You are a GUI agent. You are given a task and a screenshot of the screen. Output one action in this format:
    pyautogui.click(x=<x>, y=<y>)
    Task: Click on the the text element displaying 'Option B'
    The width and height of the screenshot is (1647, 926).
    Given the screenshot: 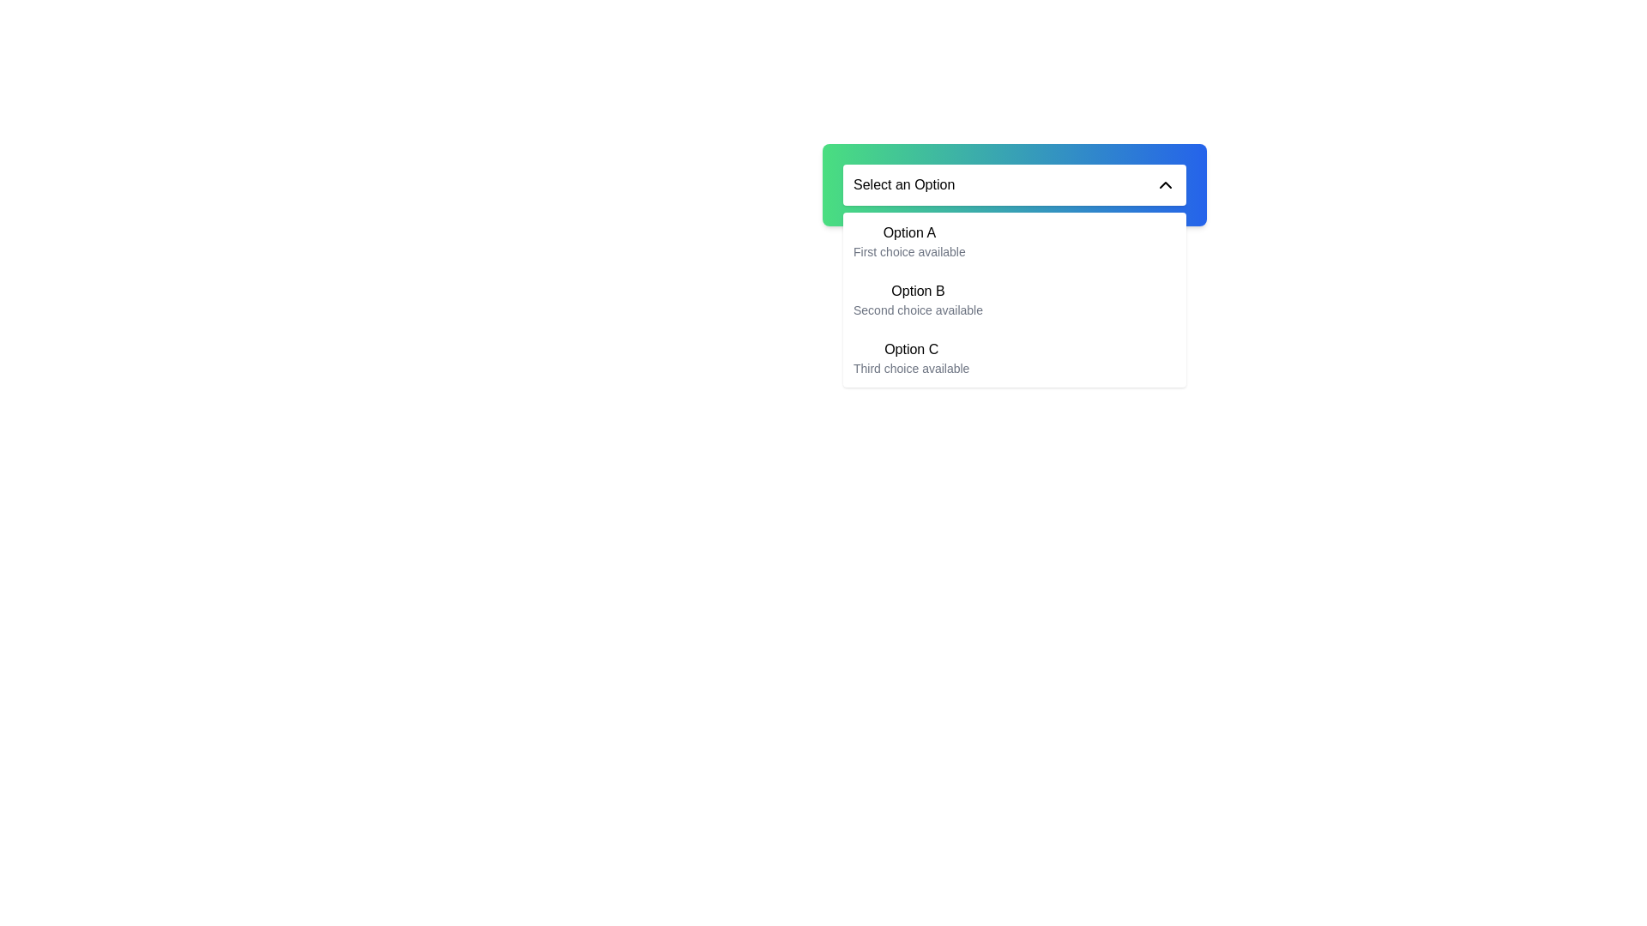 What is the action you would take?
    pyautogui.click(x=917, y=290)
    